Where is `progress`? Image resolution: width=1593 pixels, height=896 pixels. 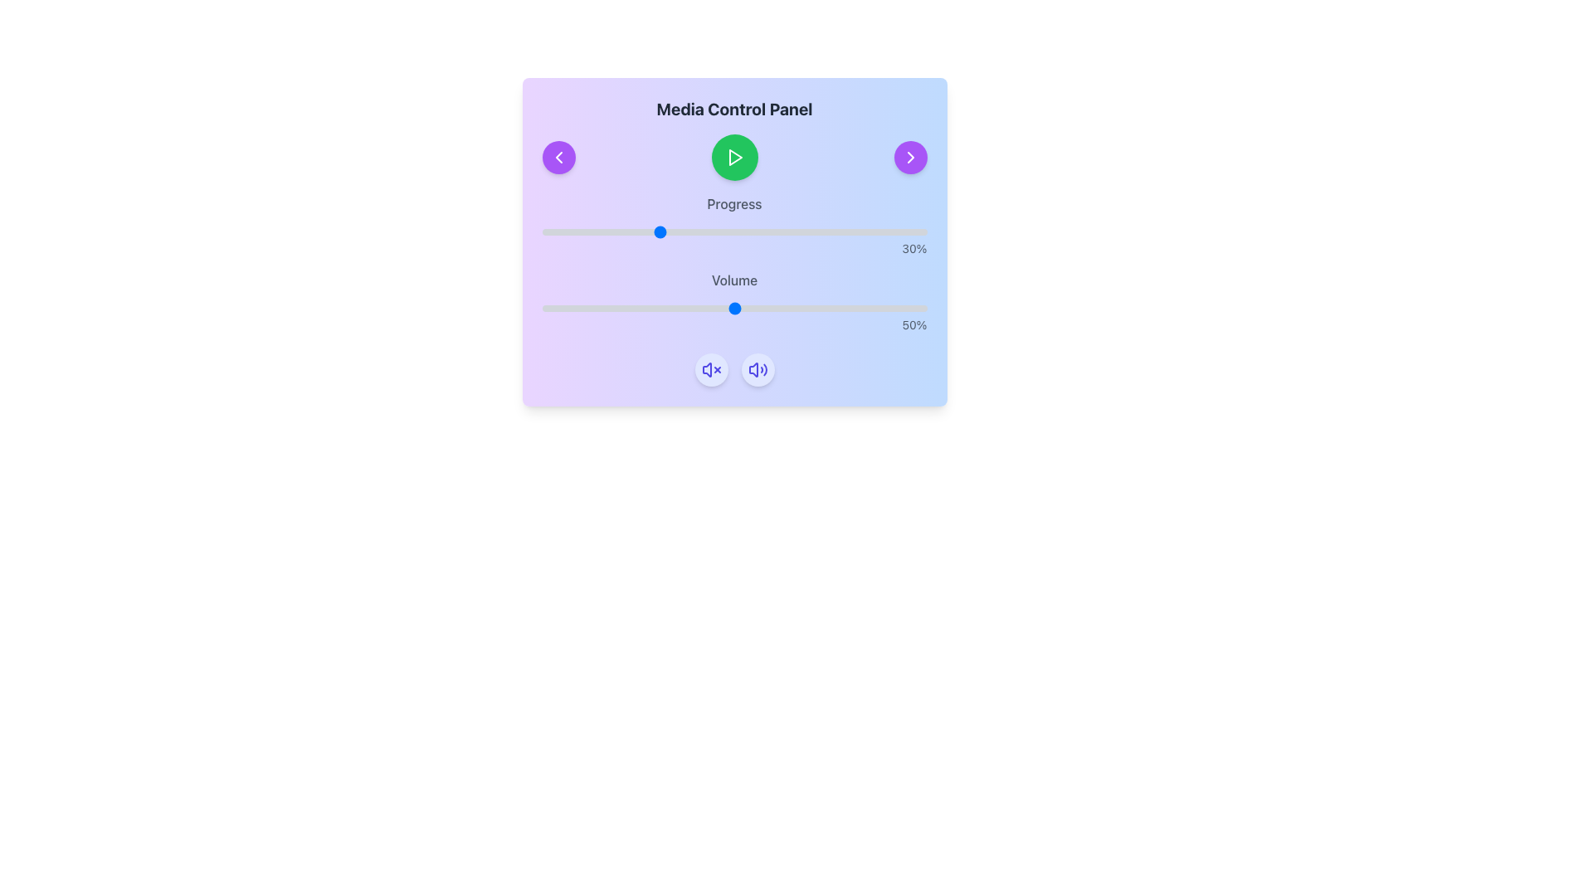
progress is located at coordinates (673, 232).